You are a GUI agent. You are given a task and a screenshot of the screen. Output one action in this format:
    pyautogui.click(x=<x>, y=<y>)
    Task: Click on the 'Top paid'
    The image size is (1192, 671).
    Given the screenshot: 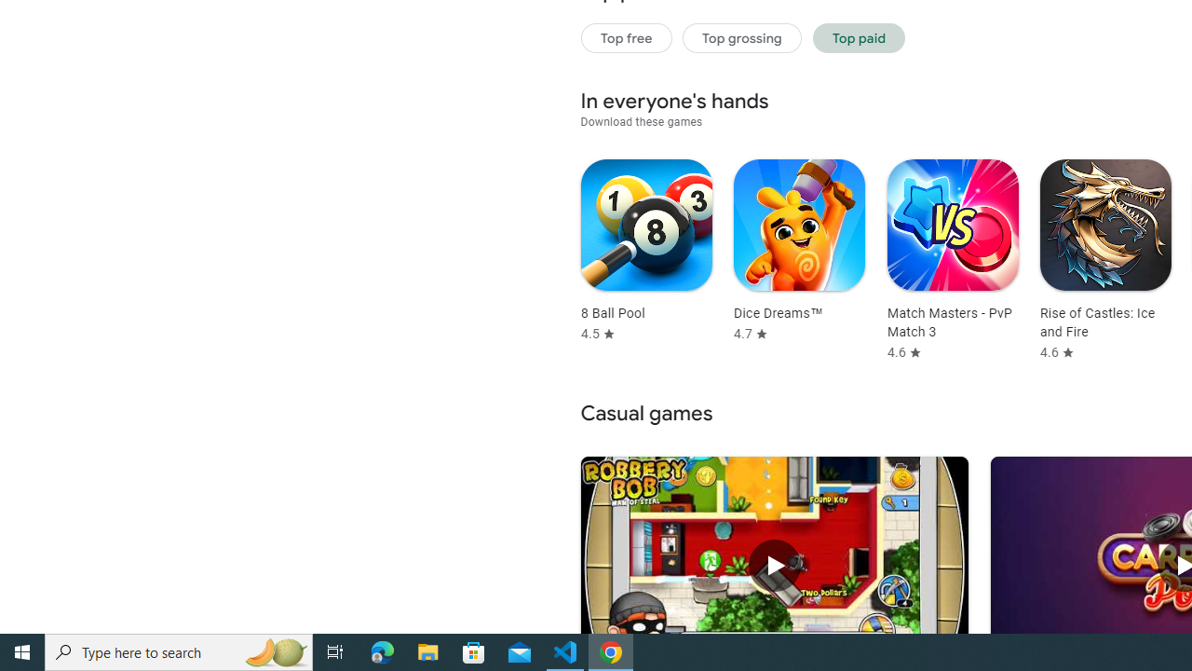 What is the action you would take?
    pyautogui.click(x=858, y=37)
    